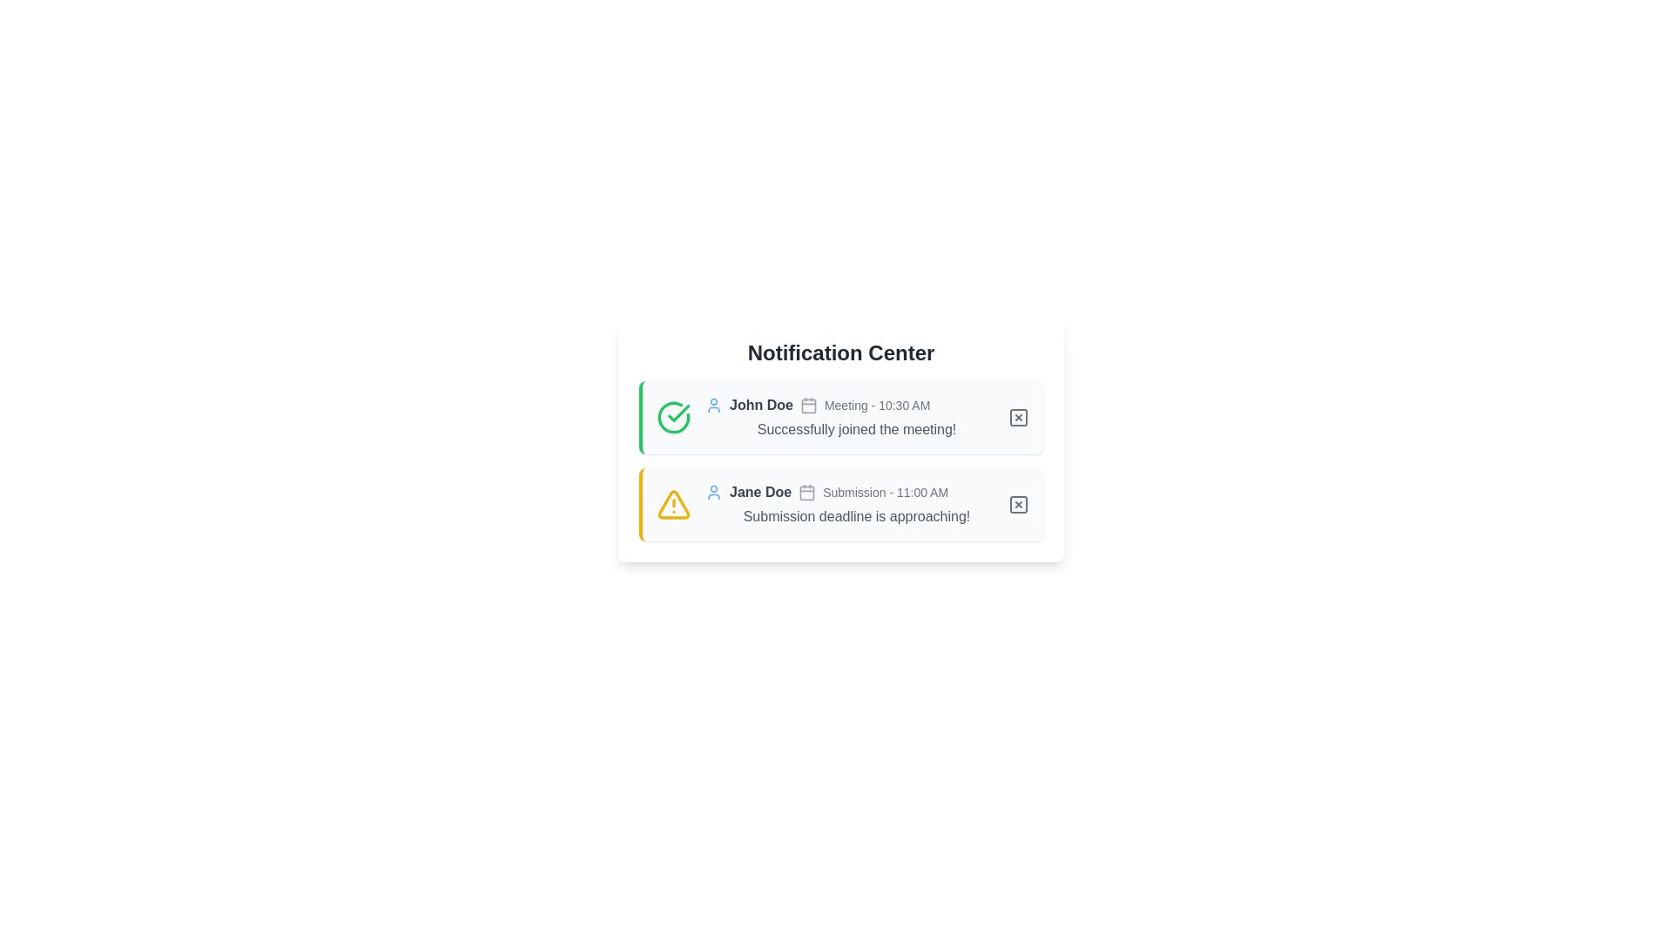 The width and height of the screenshot is (1672, 940). Describe the element at coordinates (672, 504) in the screenshot. I see `the warning triangle icon with an exclamation point inside, located on the left side of the second notification card labeled 'Jane Doe'` at that location.